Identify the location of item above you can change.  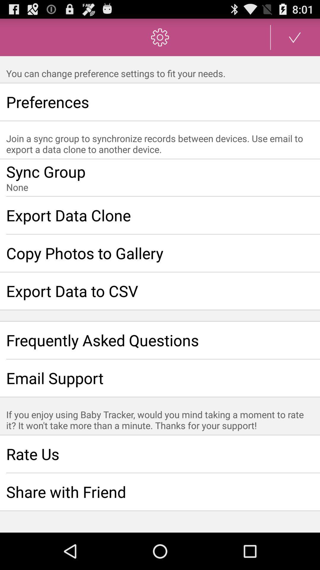
(295, 37).